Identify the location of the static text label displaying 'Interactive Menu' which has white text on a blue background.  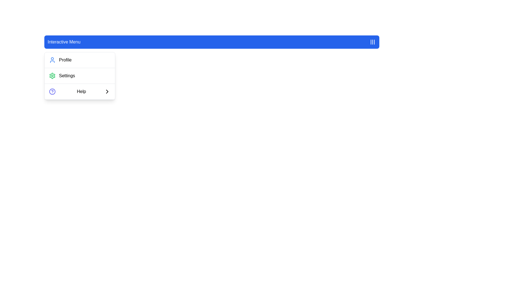
(64, 42).